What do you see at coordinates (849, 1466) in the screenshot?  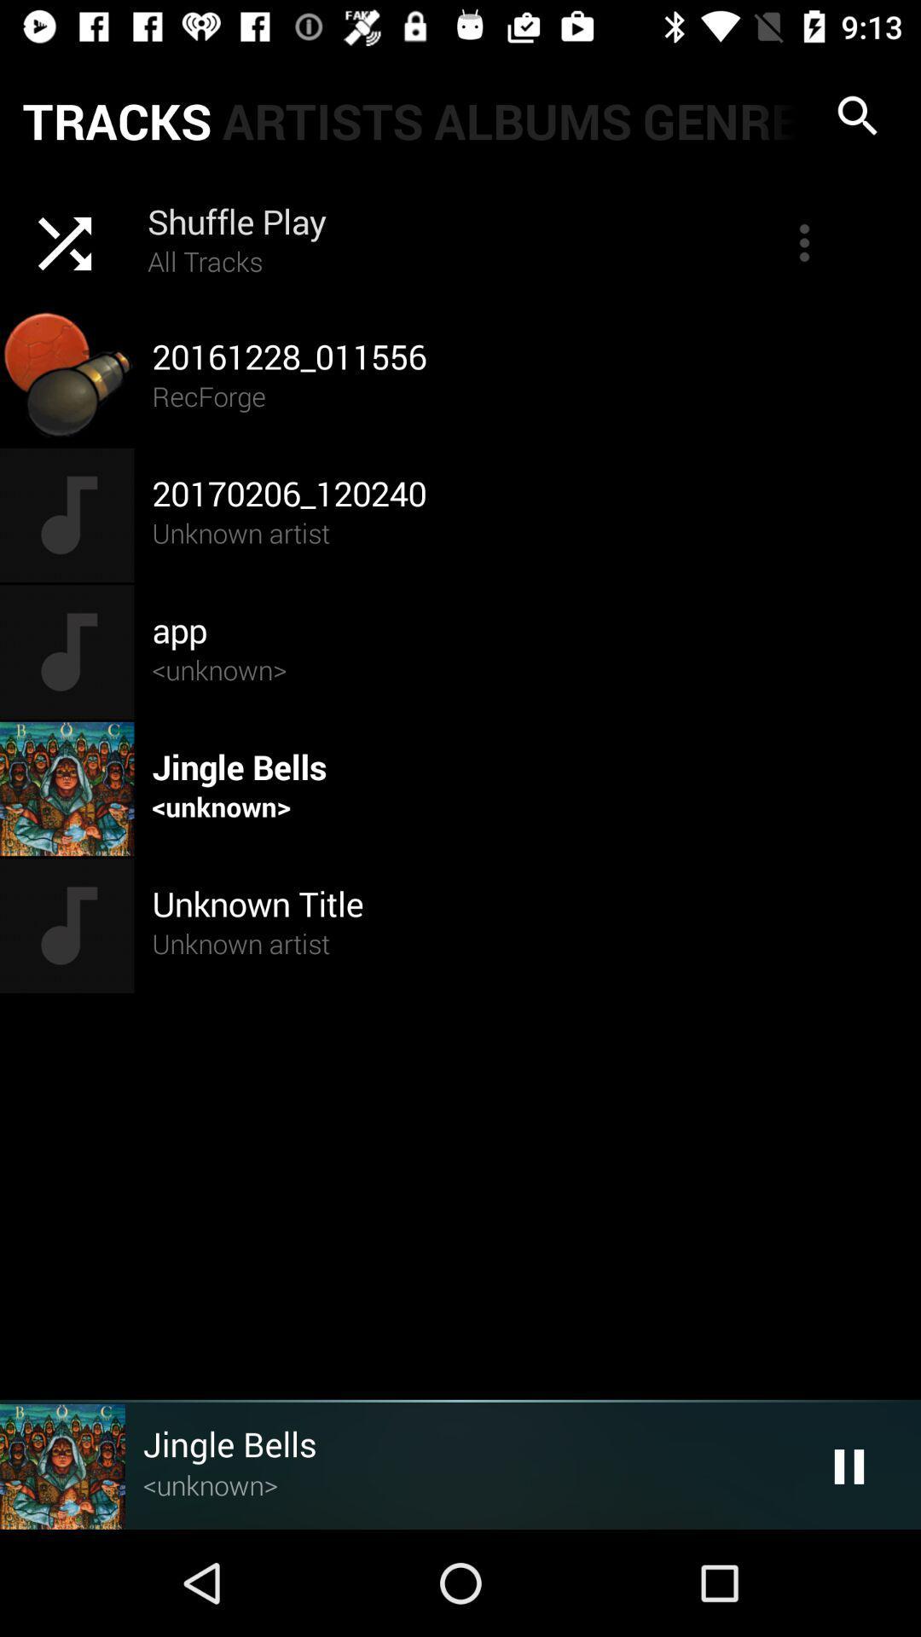 I see `pause` at bounding box center [849, 1466].